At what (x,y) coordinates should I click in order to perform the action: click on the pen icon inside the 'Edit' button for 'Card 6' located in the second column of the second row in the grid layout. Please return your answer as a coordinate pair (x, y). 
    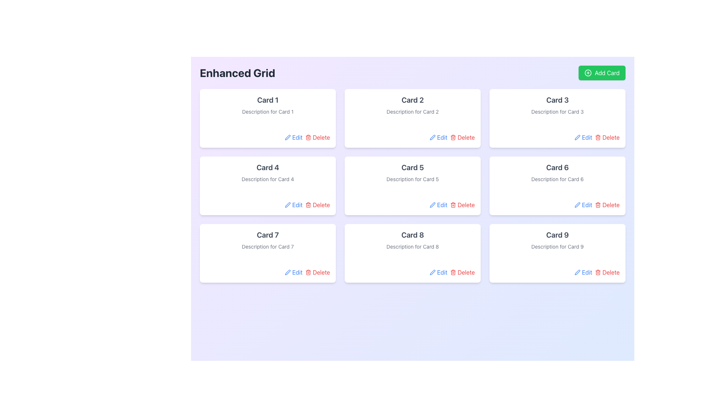
    Looking at the image, I should click on (577, 205).